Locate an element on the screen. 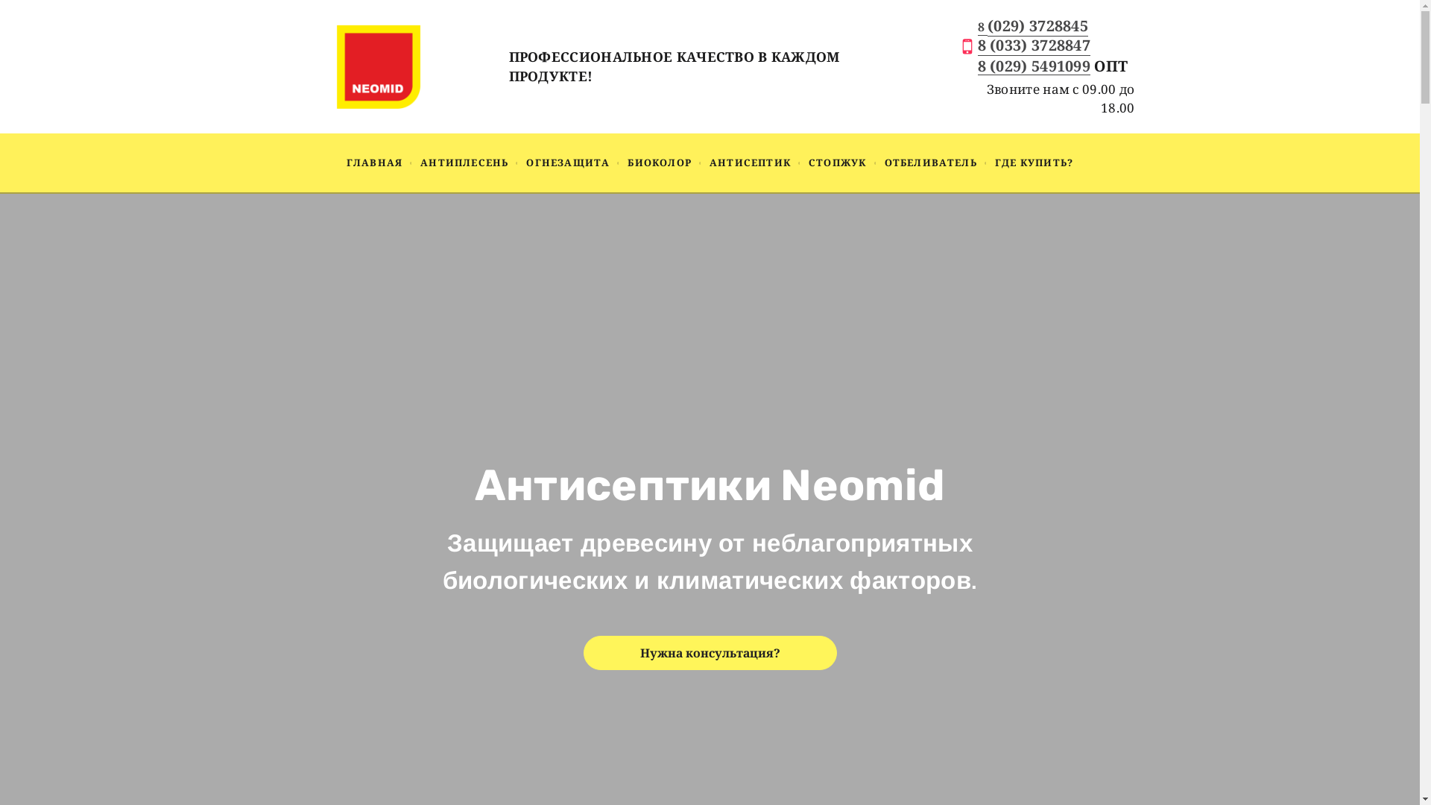 This screenshot has width=1431, height=805. '(029) 3728845' is located at coordinates (1037, 25).